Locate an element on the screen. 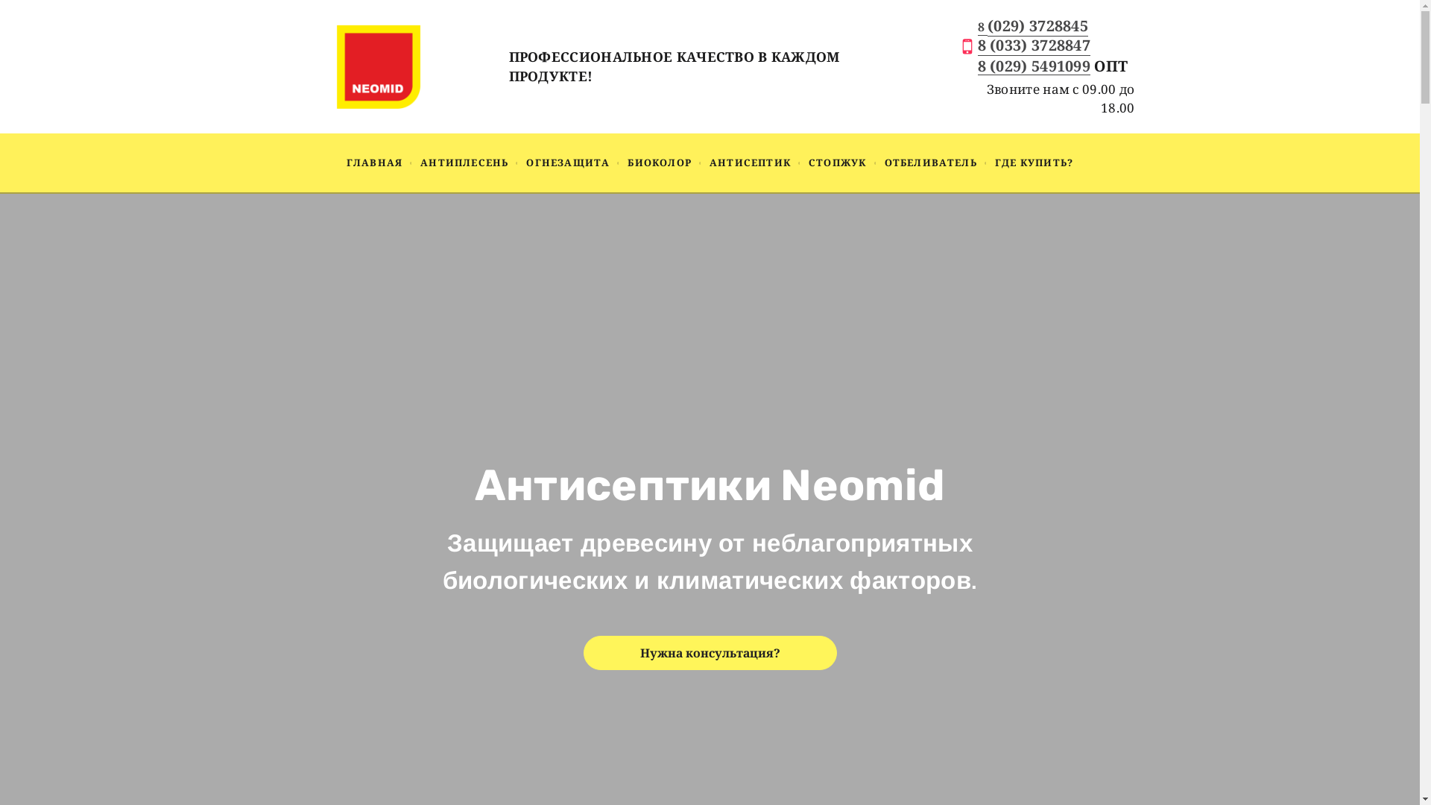 This screenshot has width=1431, height=805. '(029) 3728845' is located at coordinates (1037, 25).